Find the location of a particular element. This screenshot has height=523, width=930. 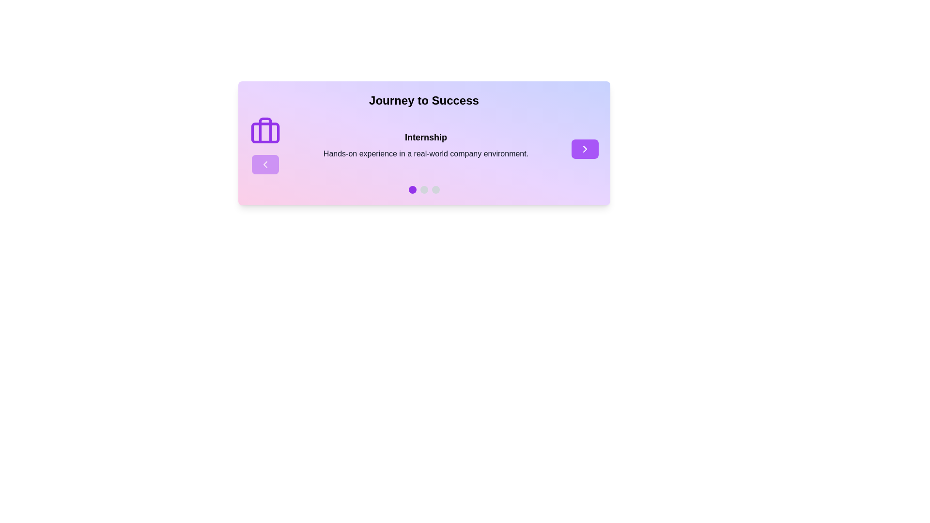

the informative text block titled 'Internship' is located at coordinates (426, 145).